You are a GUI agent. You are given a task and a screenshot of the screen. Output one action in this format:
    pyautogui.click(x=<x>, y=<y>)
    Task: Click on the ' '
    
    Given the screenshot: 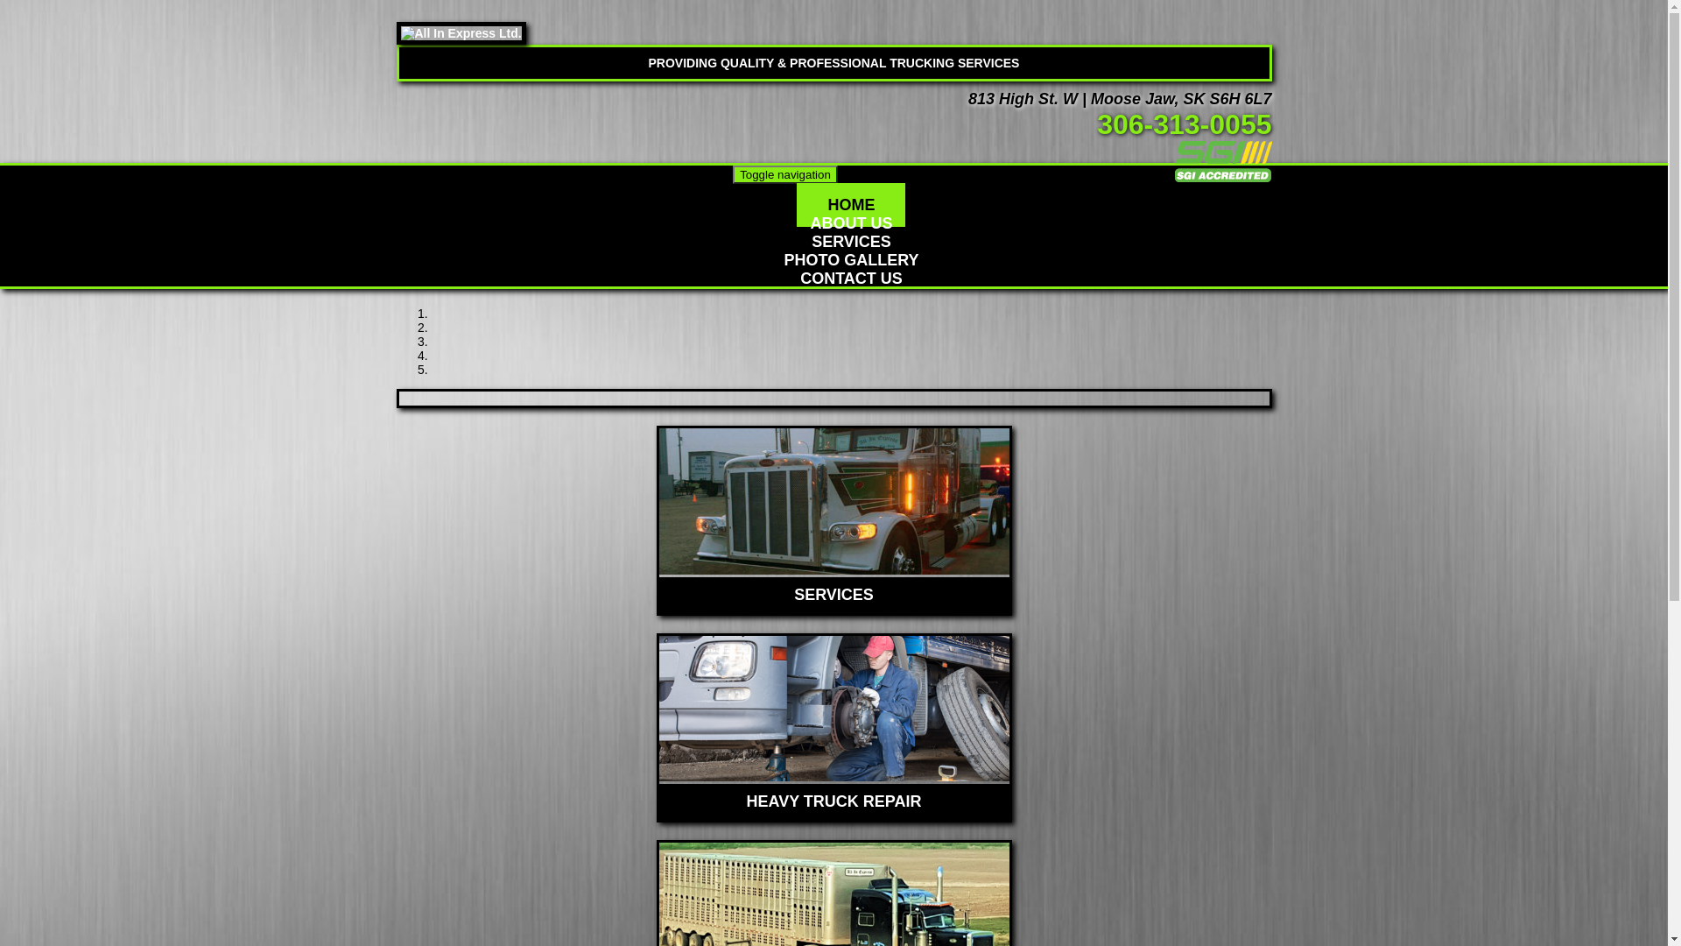 What is the action you would take?
    pyautogui.click(x=1087, y=124)
    